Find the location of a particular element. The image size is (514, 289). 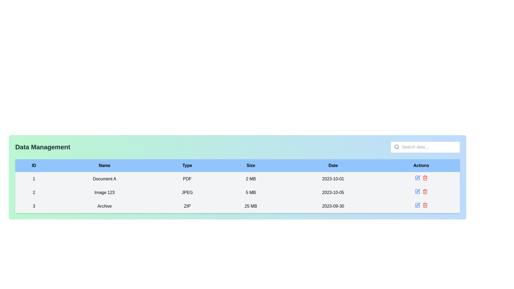

the edit icon located in the 'Actions' column of the data table for the third row, which corresponds to the 'Archive' entry is located at coordinates (417, 205).